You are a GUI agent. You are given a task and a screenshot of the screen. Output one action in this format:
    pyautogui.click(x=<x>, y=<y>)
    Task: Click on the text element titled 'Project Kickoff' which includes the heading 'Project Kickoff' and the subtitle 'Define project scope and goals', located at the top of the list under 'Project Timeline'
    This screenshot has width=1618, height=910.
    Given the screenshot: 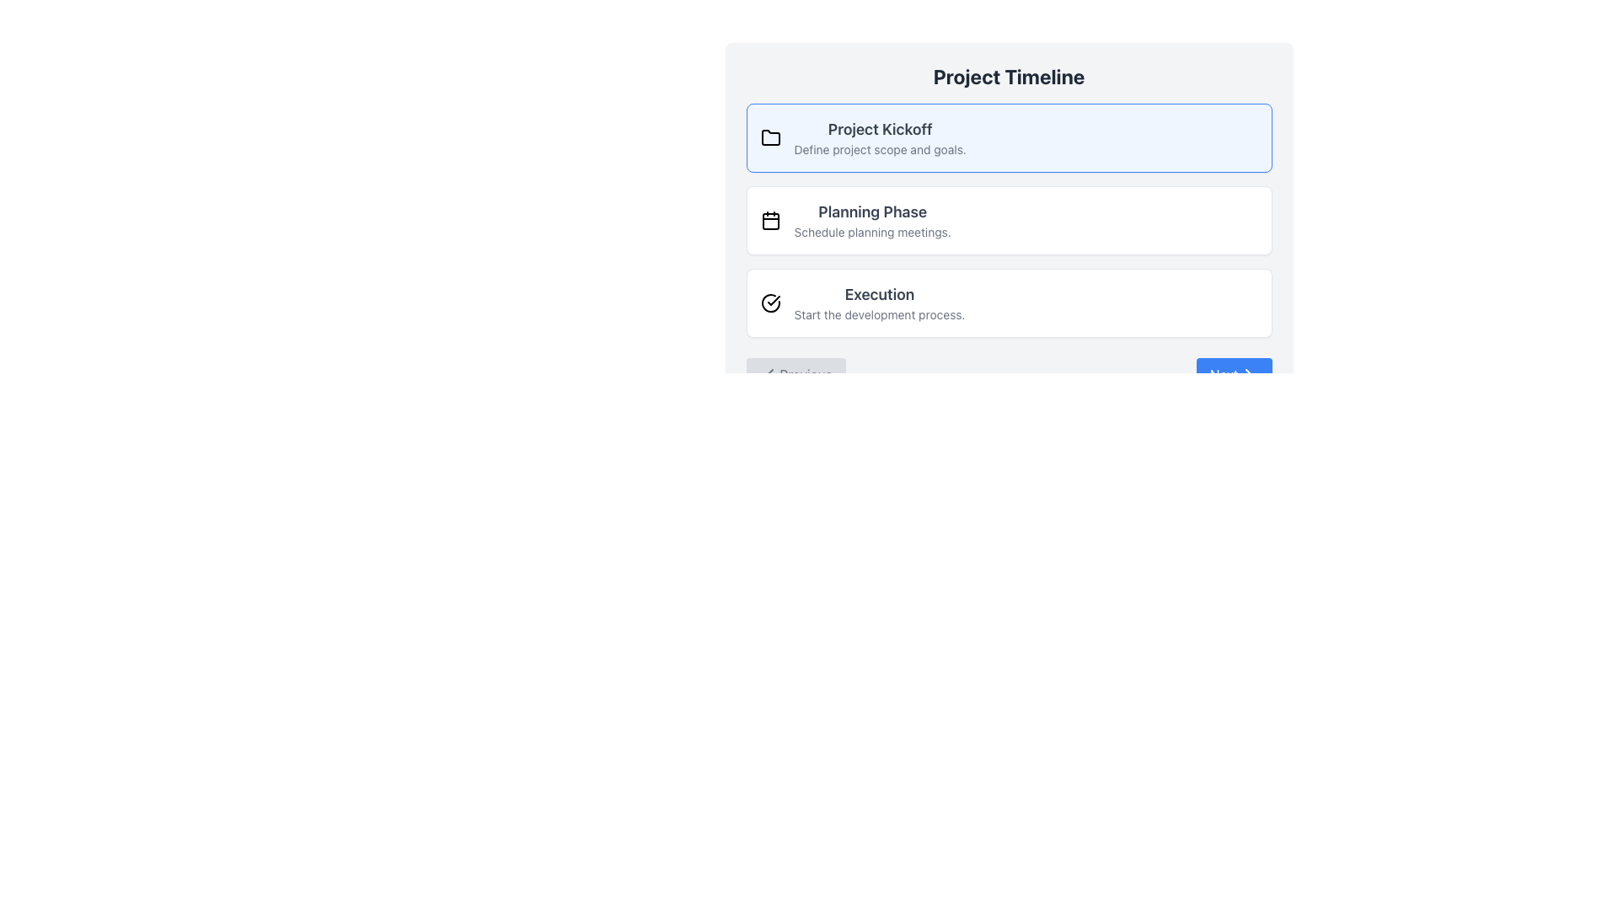 What is the action you would take?
    pyautogui.click(x=879, y=137)
    